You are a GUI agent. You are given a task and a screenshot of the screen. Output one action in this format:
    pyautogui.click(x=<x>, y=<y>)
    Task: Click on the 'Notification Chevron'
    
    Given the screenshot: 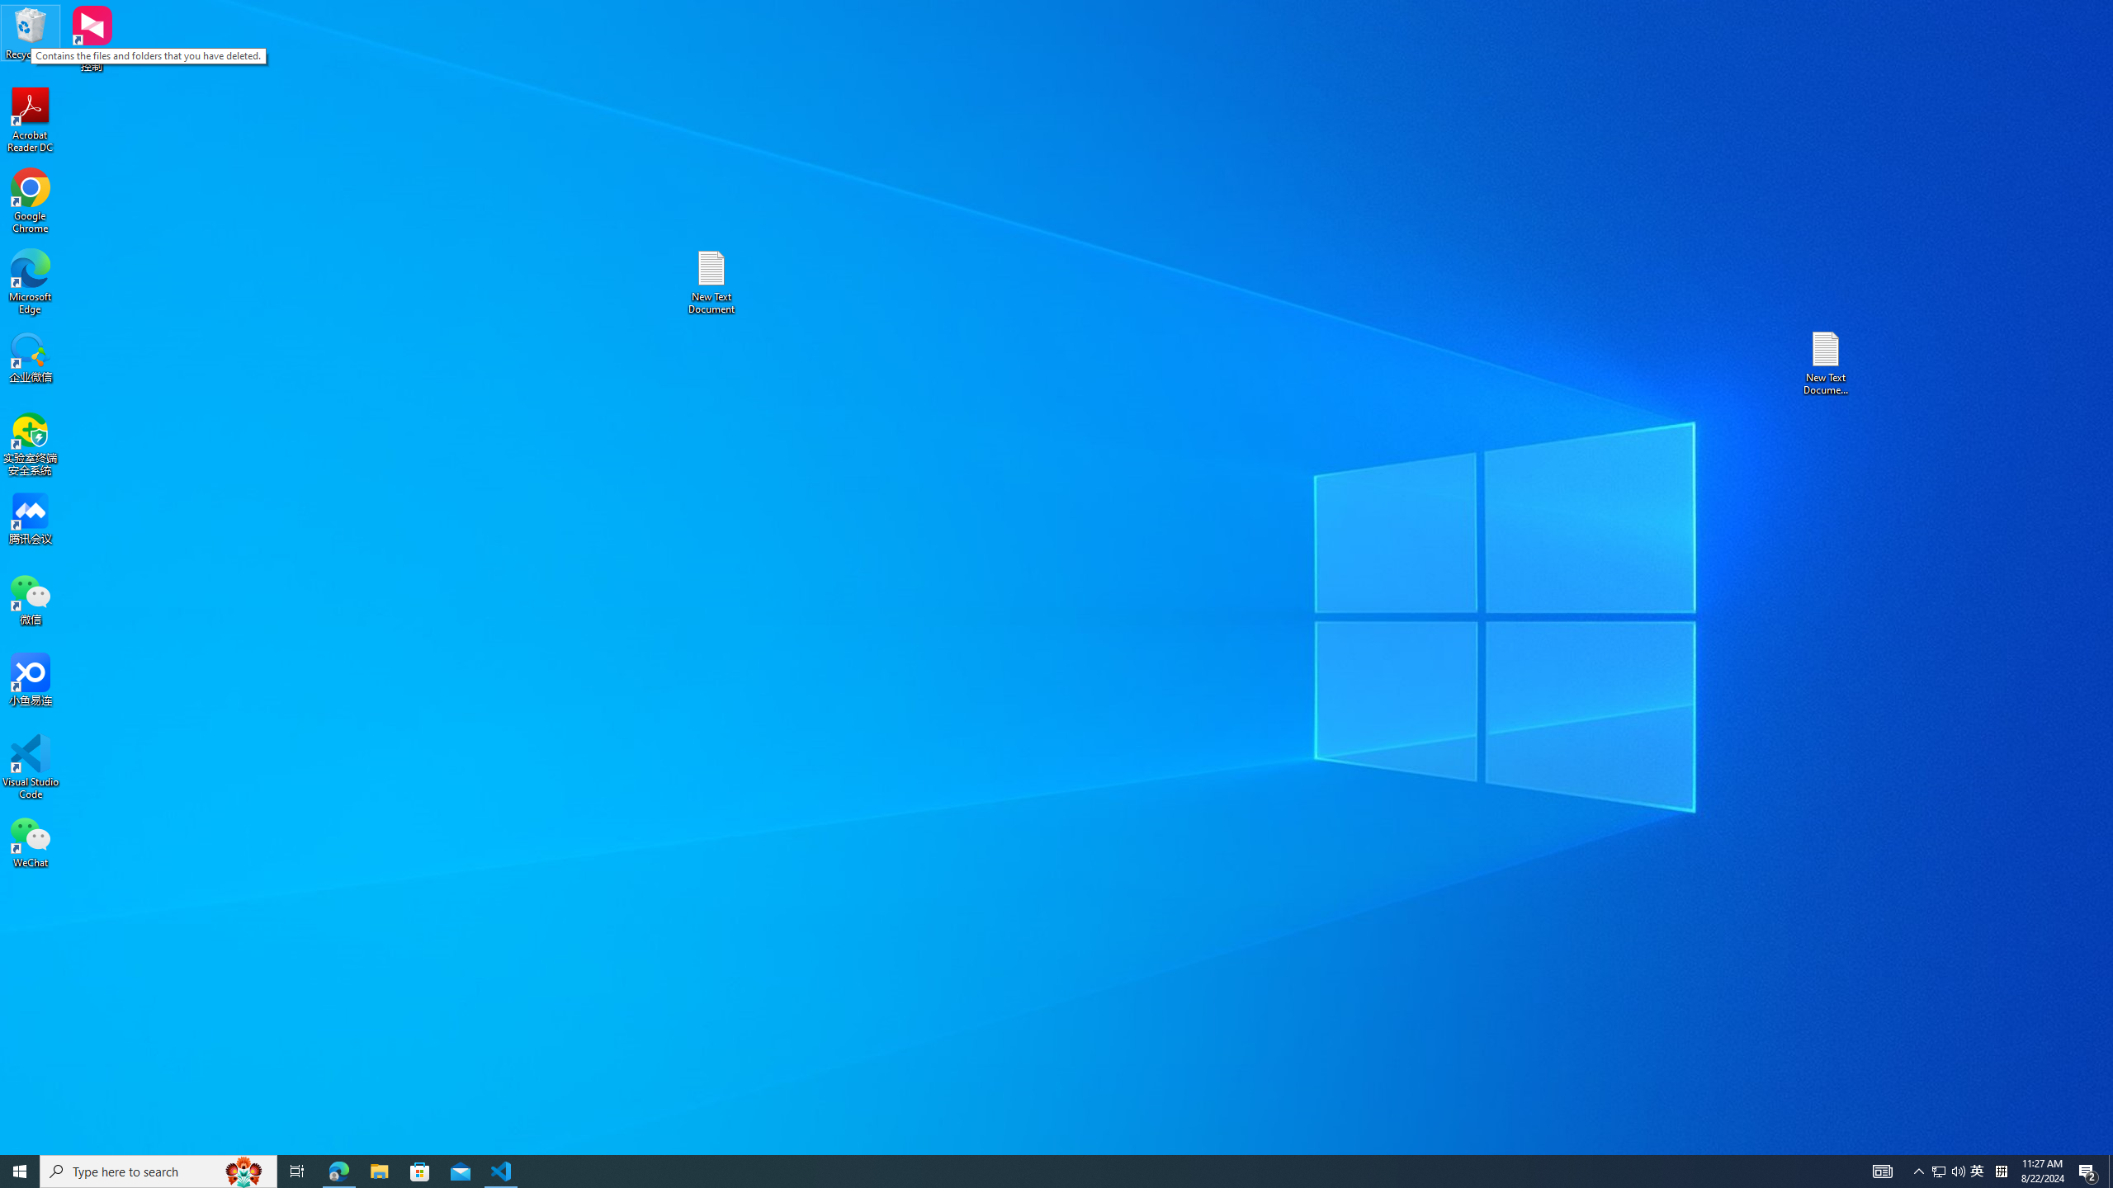 What is the action you would take?
    pyautogui.click(x=1918, y=1170)
    